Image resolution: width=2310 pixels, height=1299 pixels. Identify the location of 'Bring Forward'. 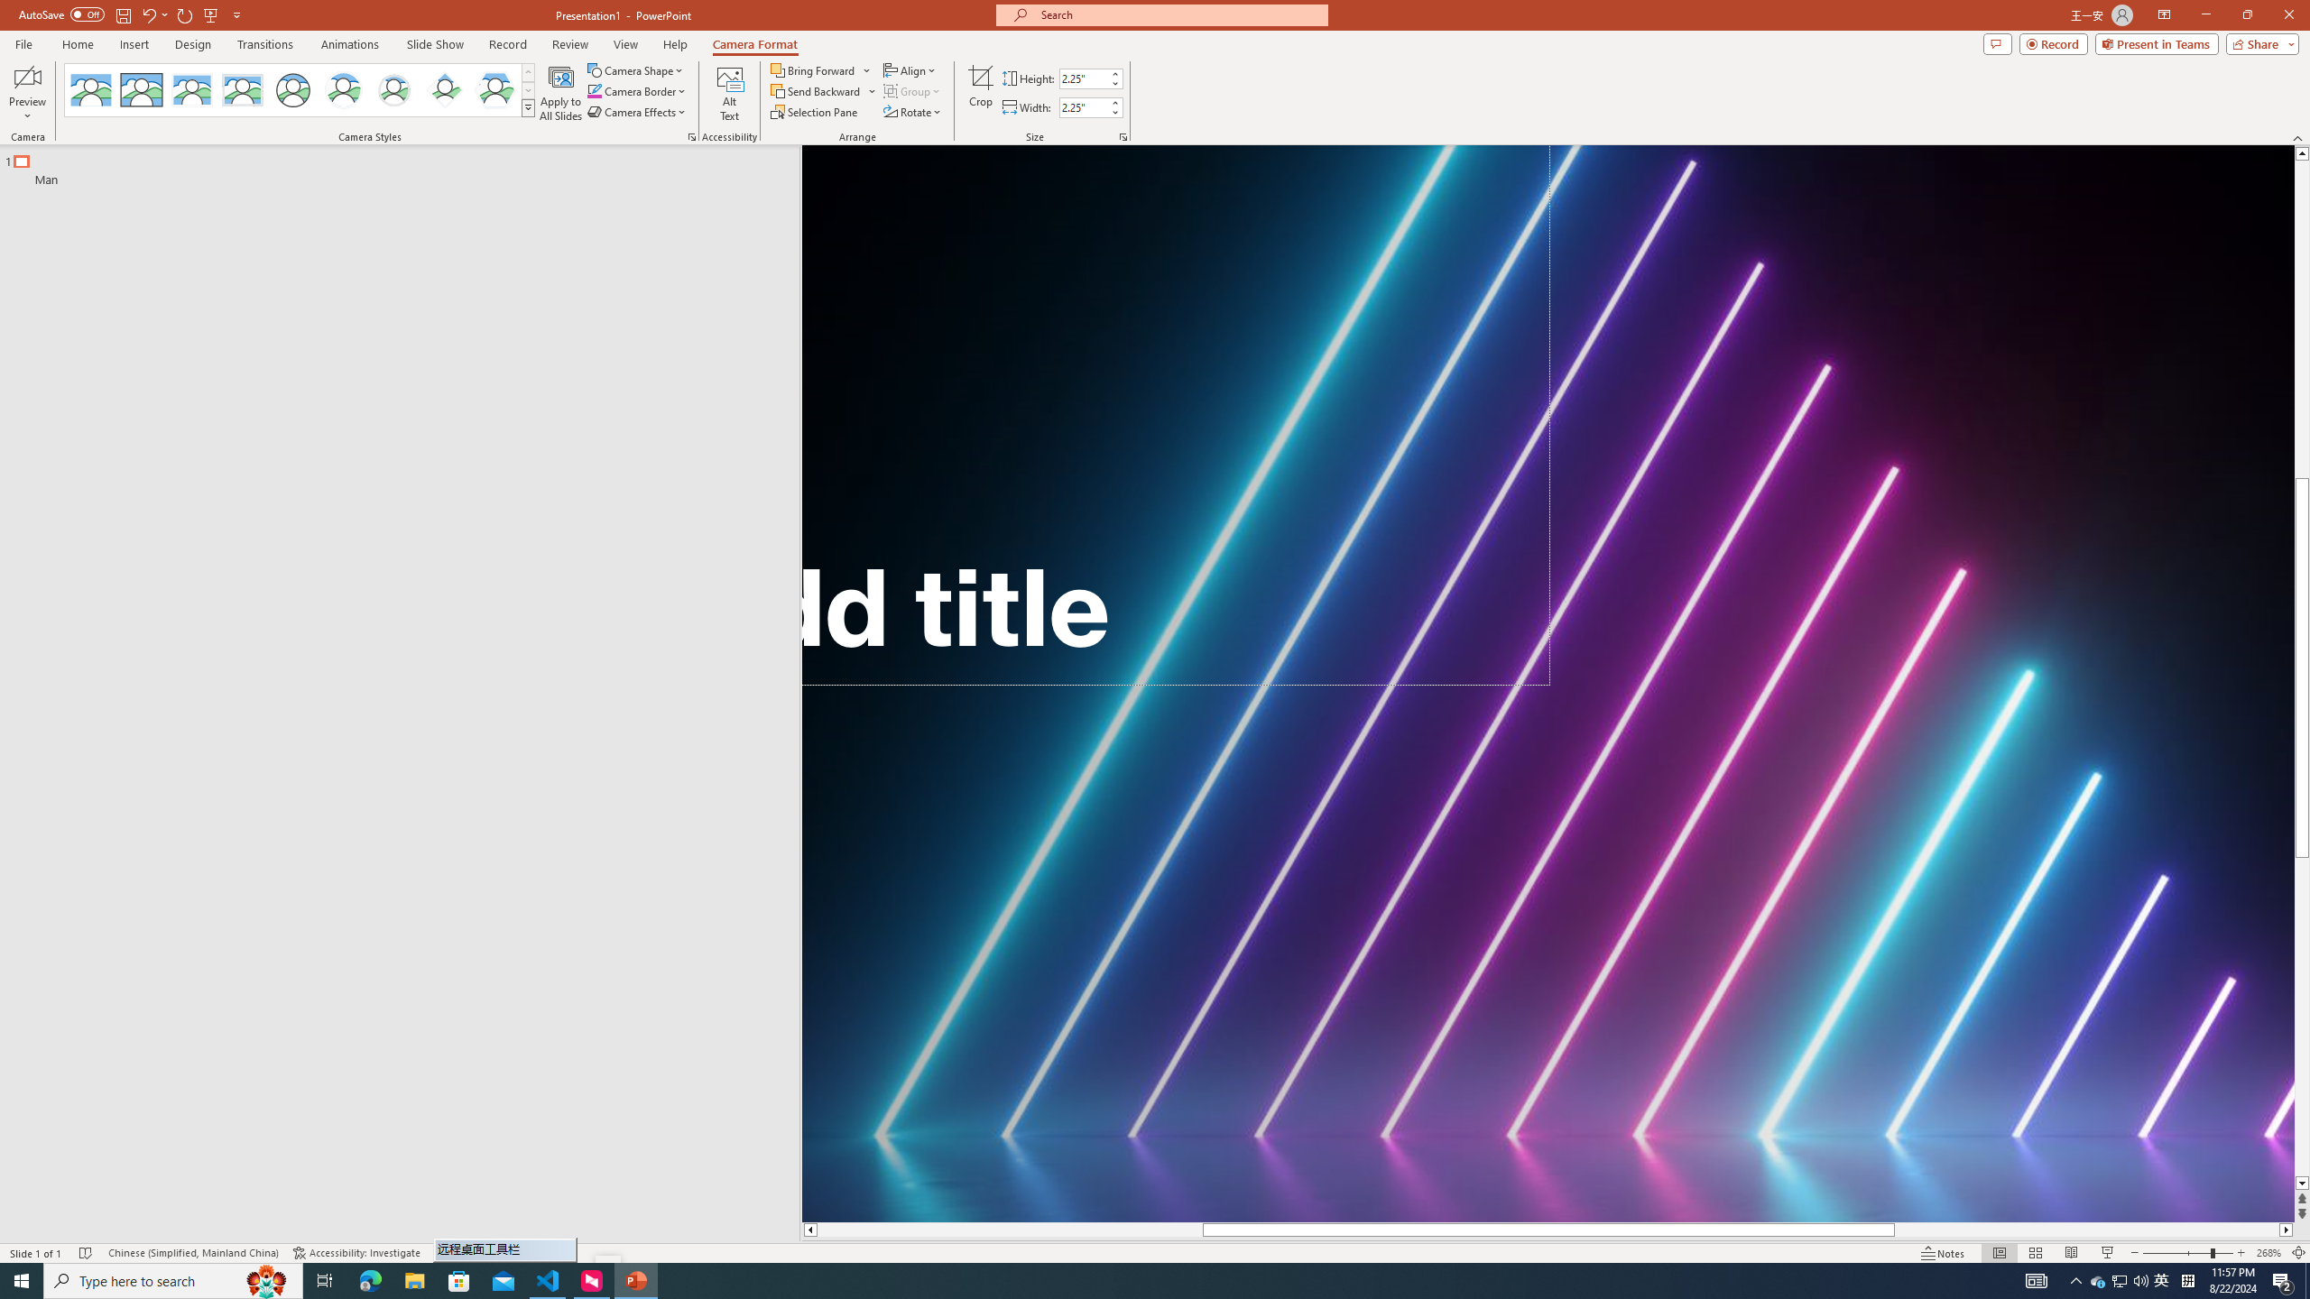
(820, 69).